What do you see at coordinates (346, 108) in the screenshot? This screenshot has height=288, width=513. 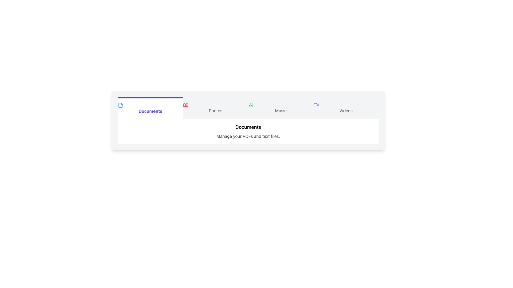 I see `the 'Videos' navigation tab located in the top right corner of the tab bar` at bounding box center [346, 108].